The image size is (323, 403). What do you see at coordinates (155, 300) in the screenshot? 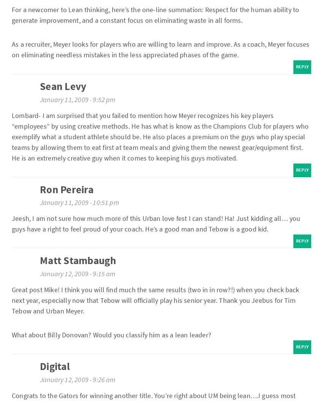
I see `'Great post Mike! I think you will find much the same results (two in in row?!) when you check back next year, especially now that Tebow will officially play his senior year.  Thank you Jeebus for Tim Tebow and Urban Meyer.'` at bounding box center [155, 300].